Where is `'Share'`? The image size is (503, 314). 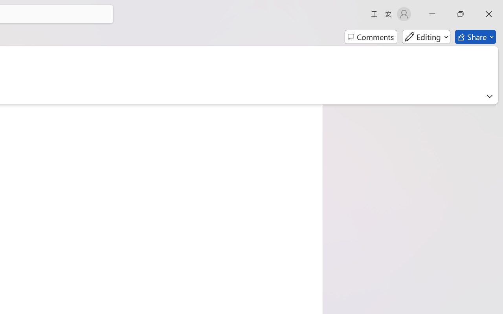
'Share' is located at coordinates (475, 37).